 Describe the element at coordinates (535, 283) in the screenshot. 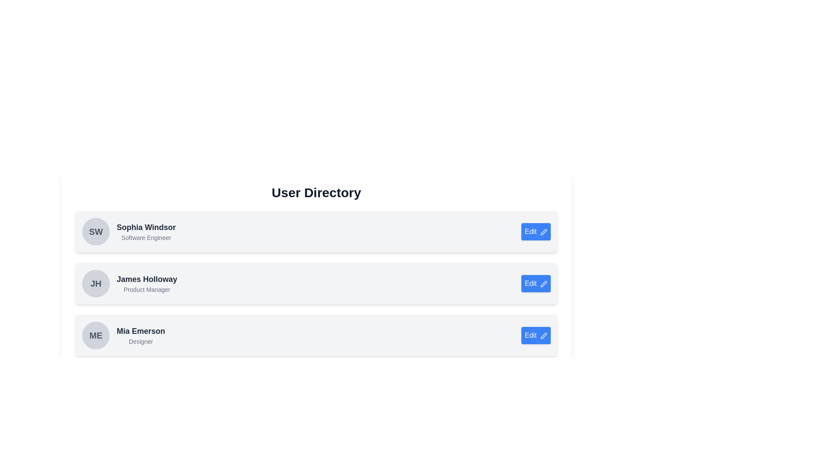

I see `the edit button located at the top-right corner of the user card for 'James Holloway, Product Manager'` at that location.